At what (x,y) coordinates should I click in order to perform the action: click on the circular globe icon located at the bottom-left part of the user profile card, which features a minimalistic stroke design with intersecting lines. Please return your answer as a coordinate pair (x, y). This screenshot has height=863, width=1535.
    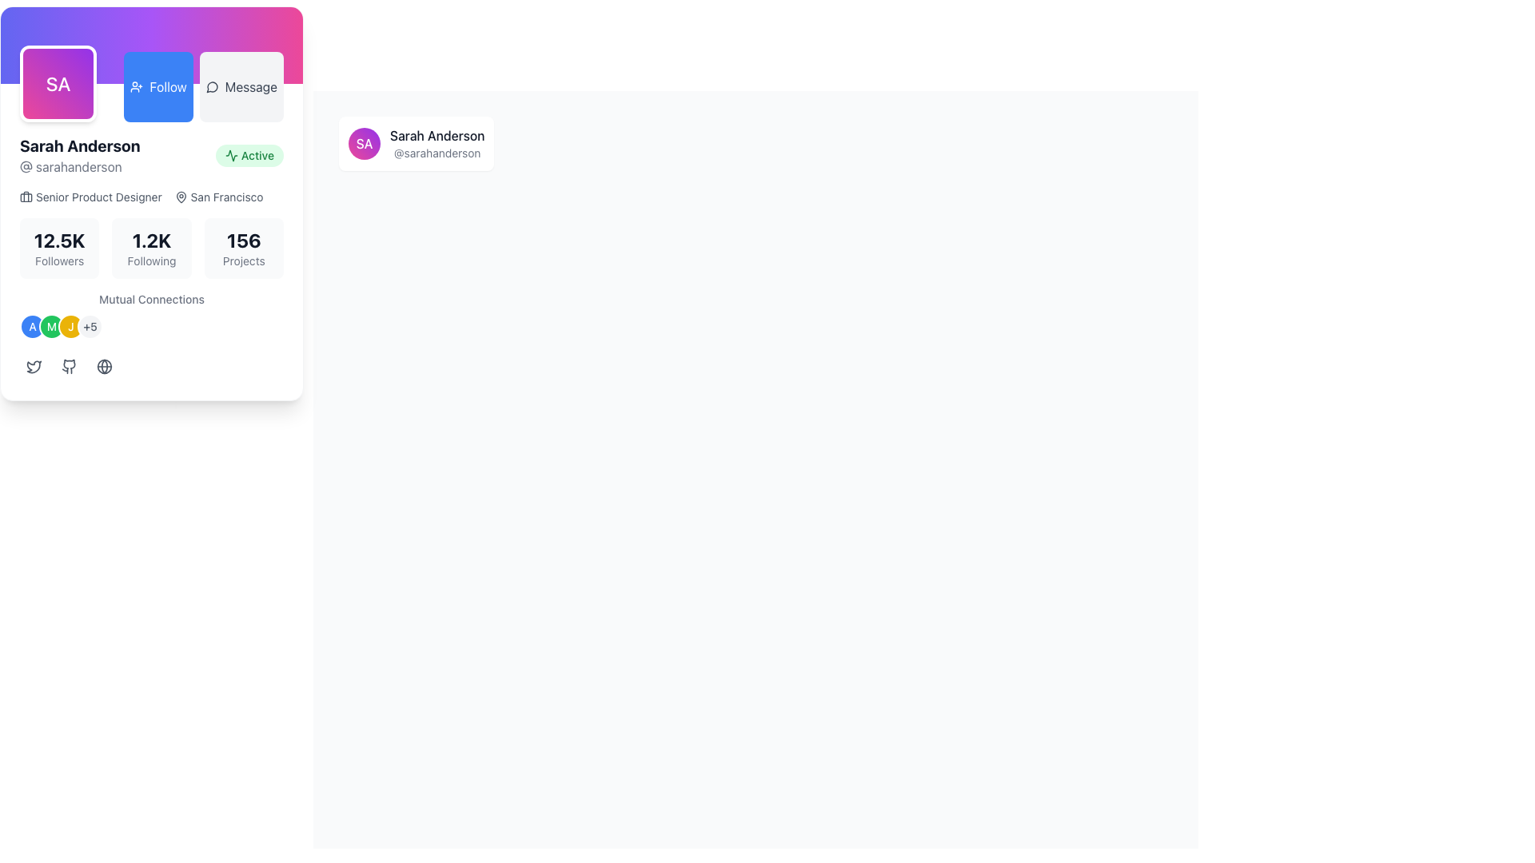
    Looking at the image, I should click on (103, 367).